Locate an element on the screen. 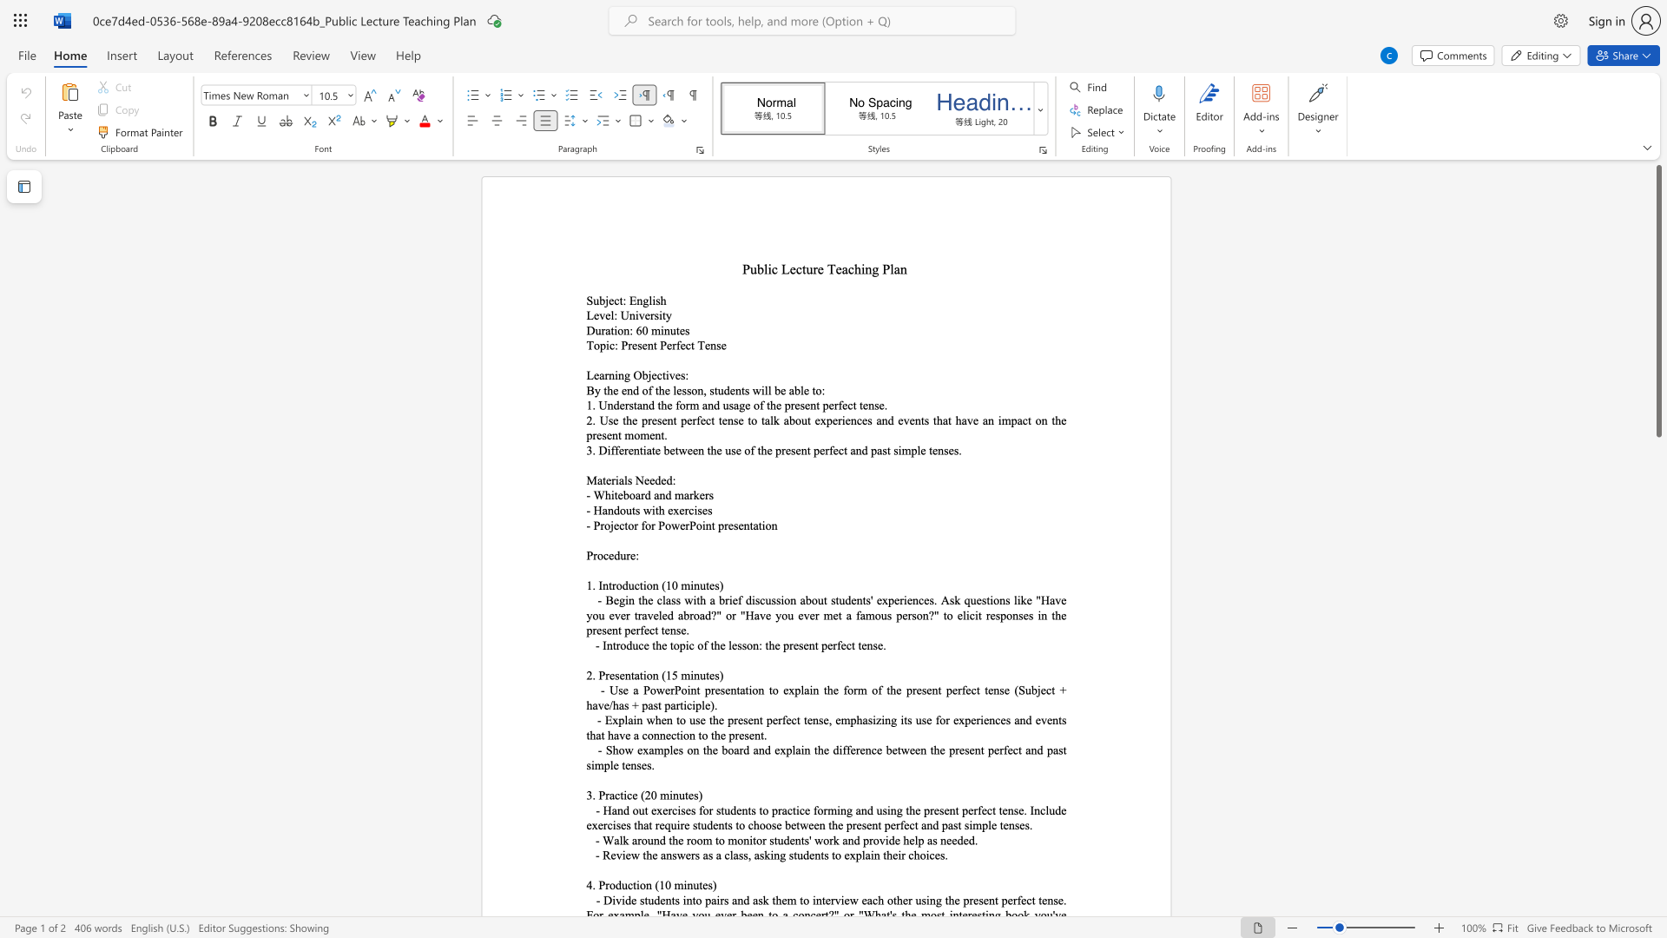  the 2th character "a" in the text is located at coordinates (742, 689).